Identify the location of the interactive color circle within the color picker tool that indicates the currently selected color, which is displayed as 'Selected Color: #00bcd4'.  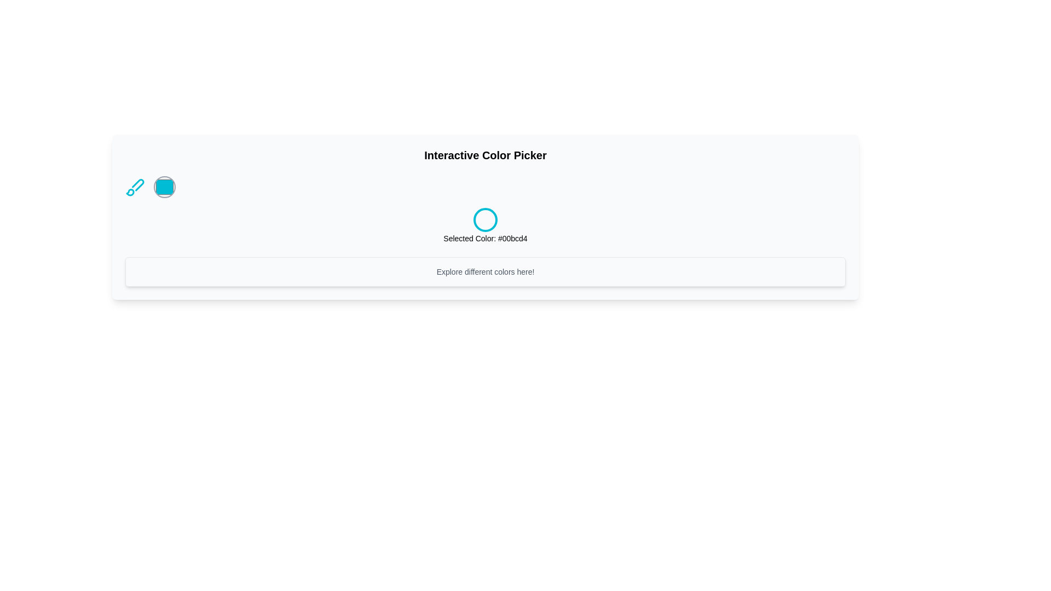
(485, 187).